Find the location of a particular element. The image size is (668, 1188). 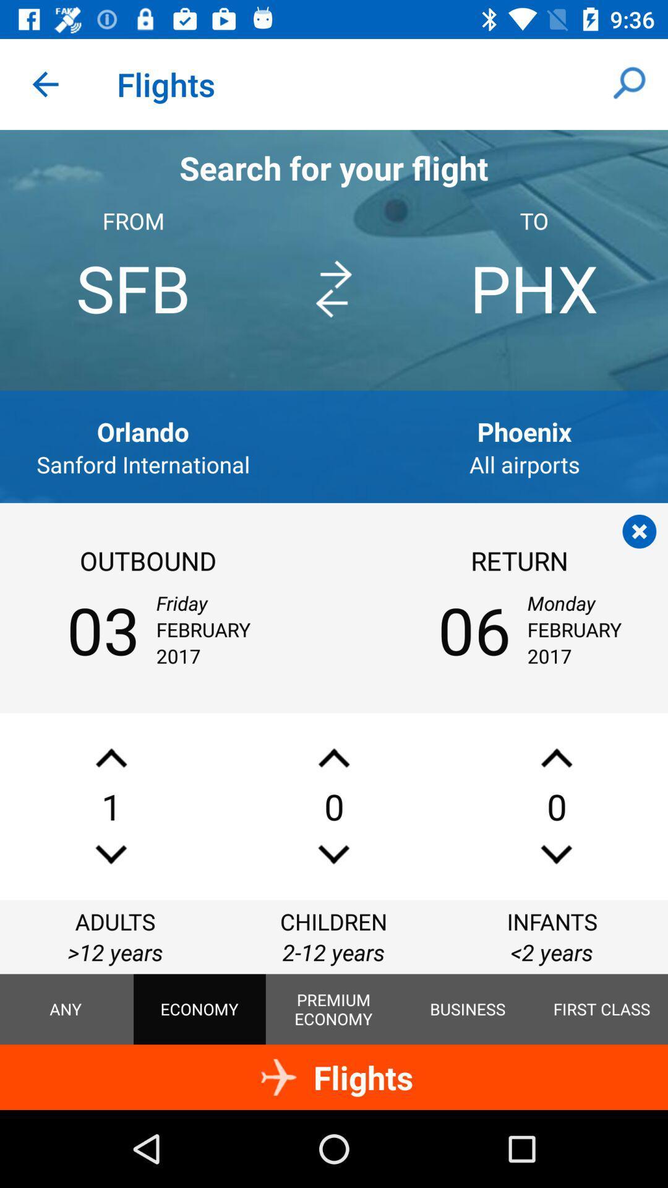

decrease number of adults is located at coordinates (111, 854).